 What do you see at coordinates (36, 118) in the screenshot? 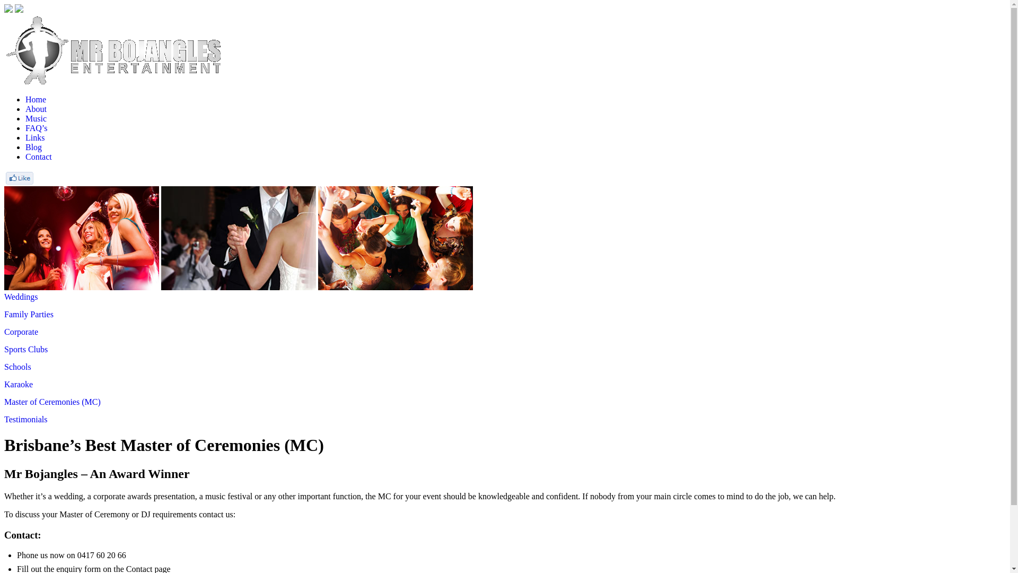
I see `'Music'` at bounding box center [36, 118].